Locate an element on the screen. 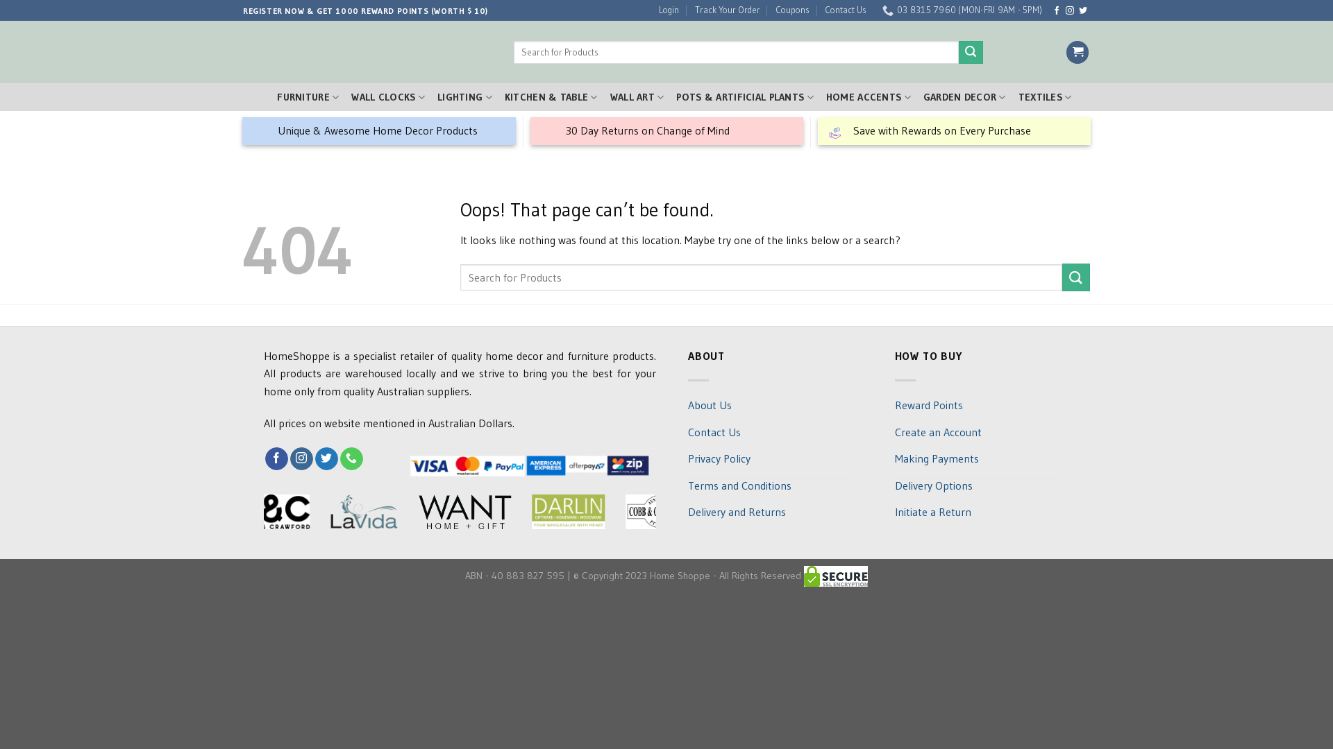 Image resolution: width=1333 pixels, height=749 pixels. 'Privacy Policy' is located at coordinates (687, 459).